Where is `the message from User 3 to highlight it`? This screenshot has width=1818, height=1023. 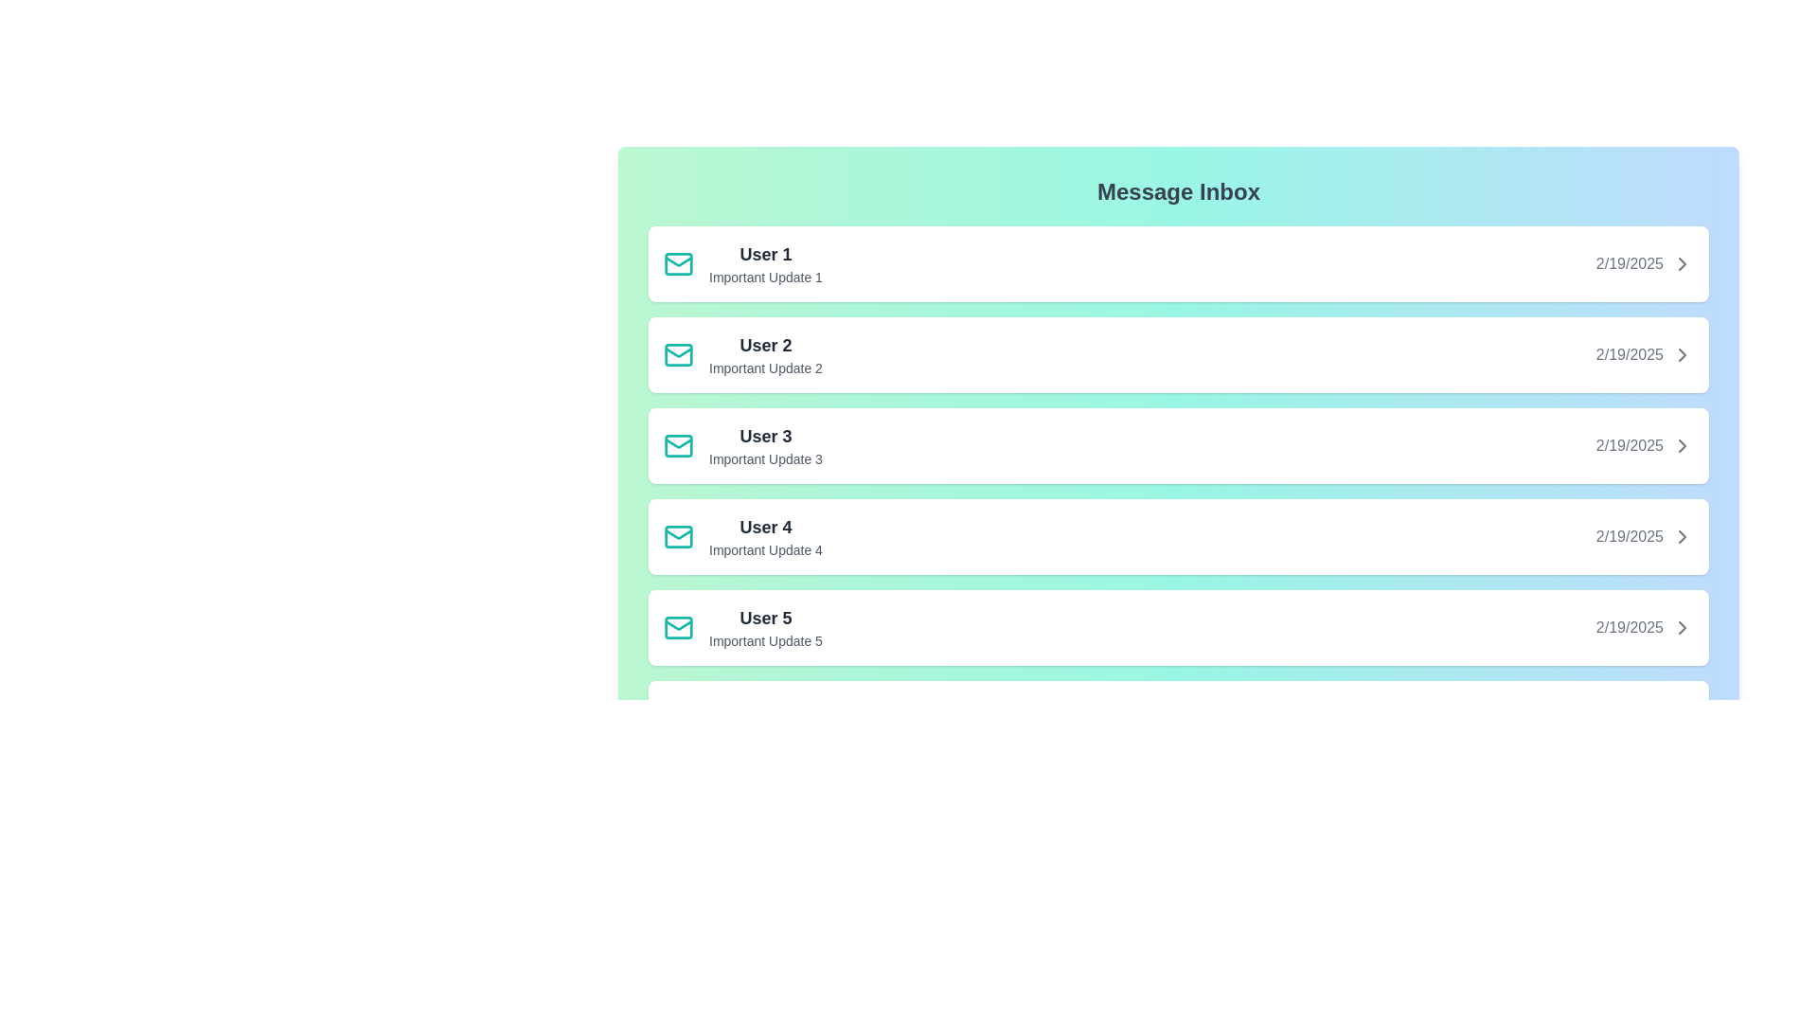 the message from User 3 to highlight it is located at coordinates (1177, 445).